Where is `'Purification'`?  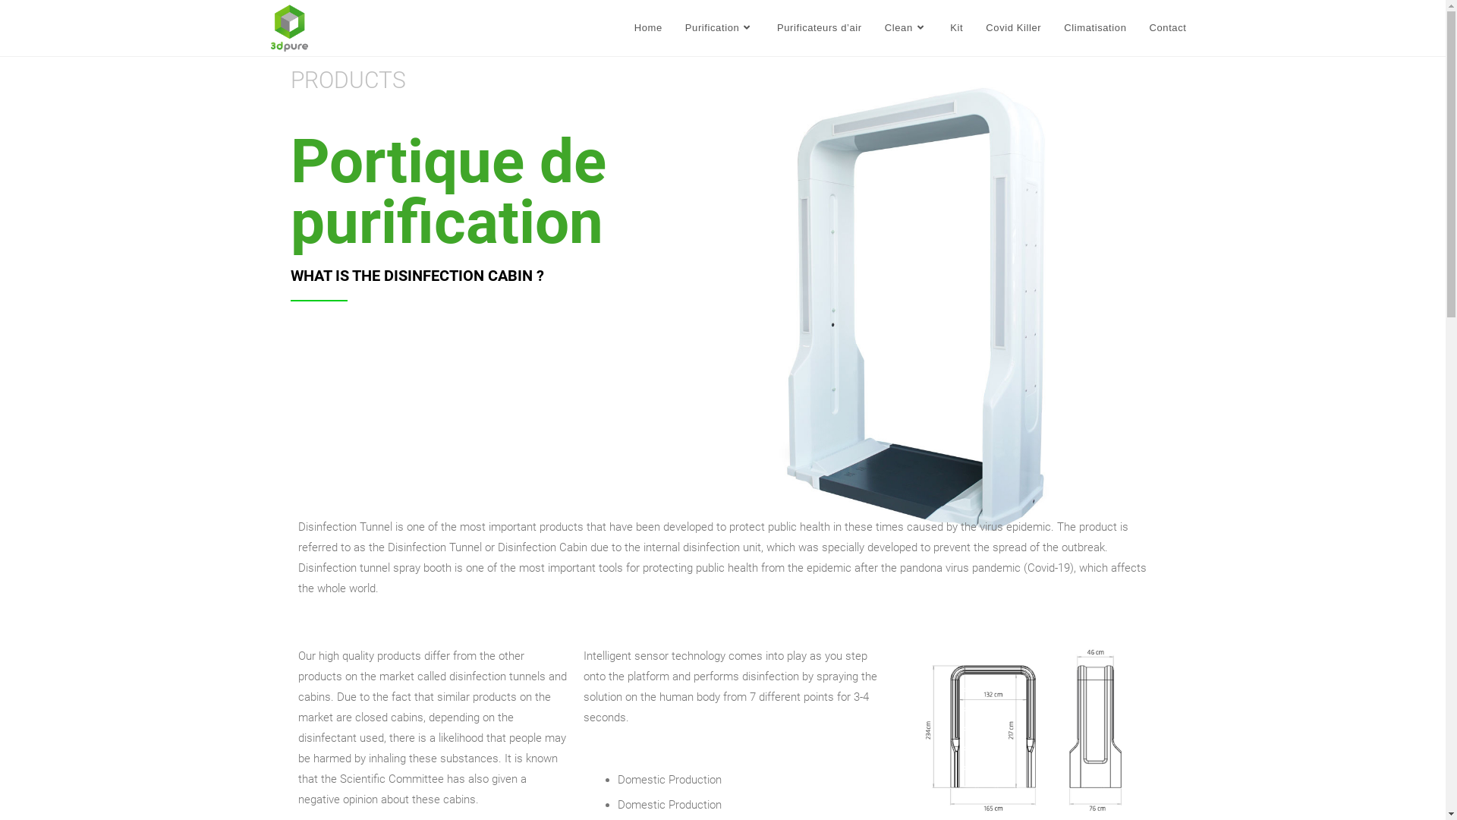
'Purification' is located at coordinates (719, 28).